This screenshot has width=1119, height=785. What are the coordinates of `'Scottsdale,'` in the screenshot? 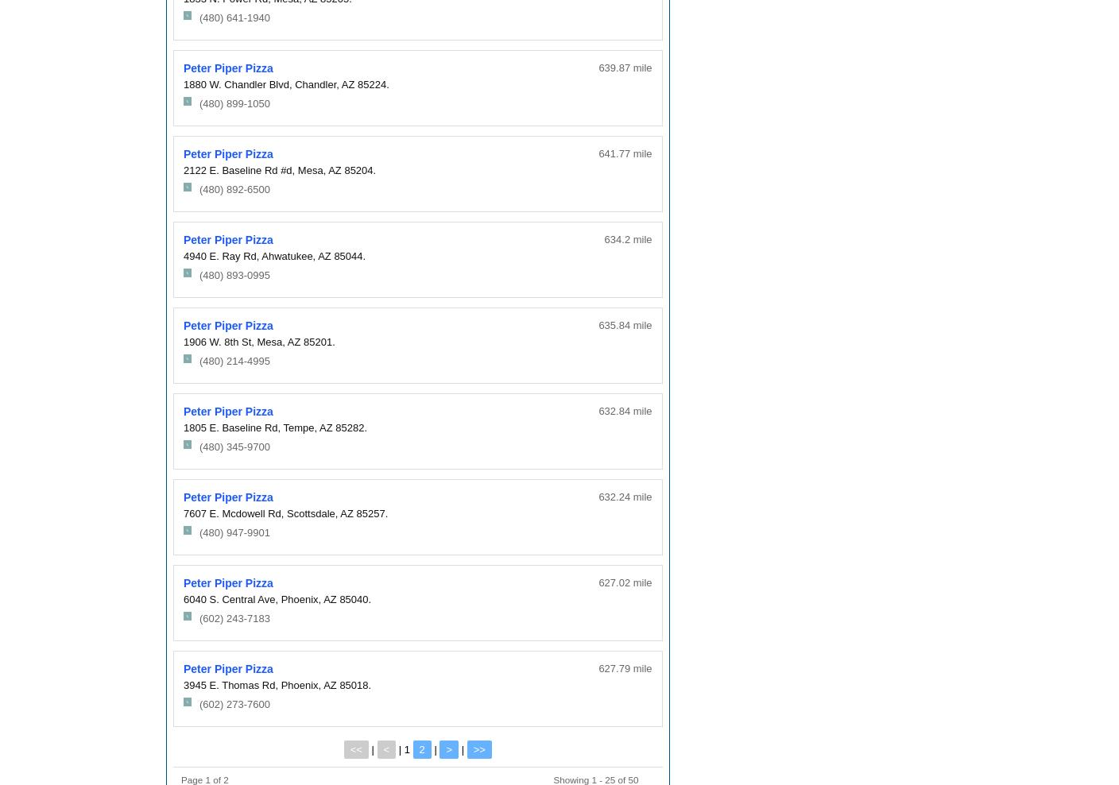 It's located at (311, 512).